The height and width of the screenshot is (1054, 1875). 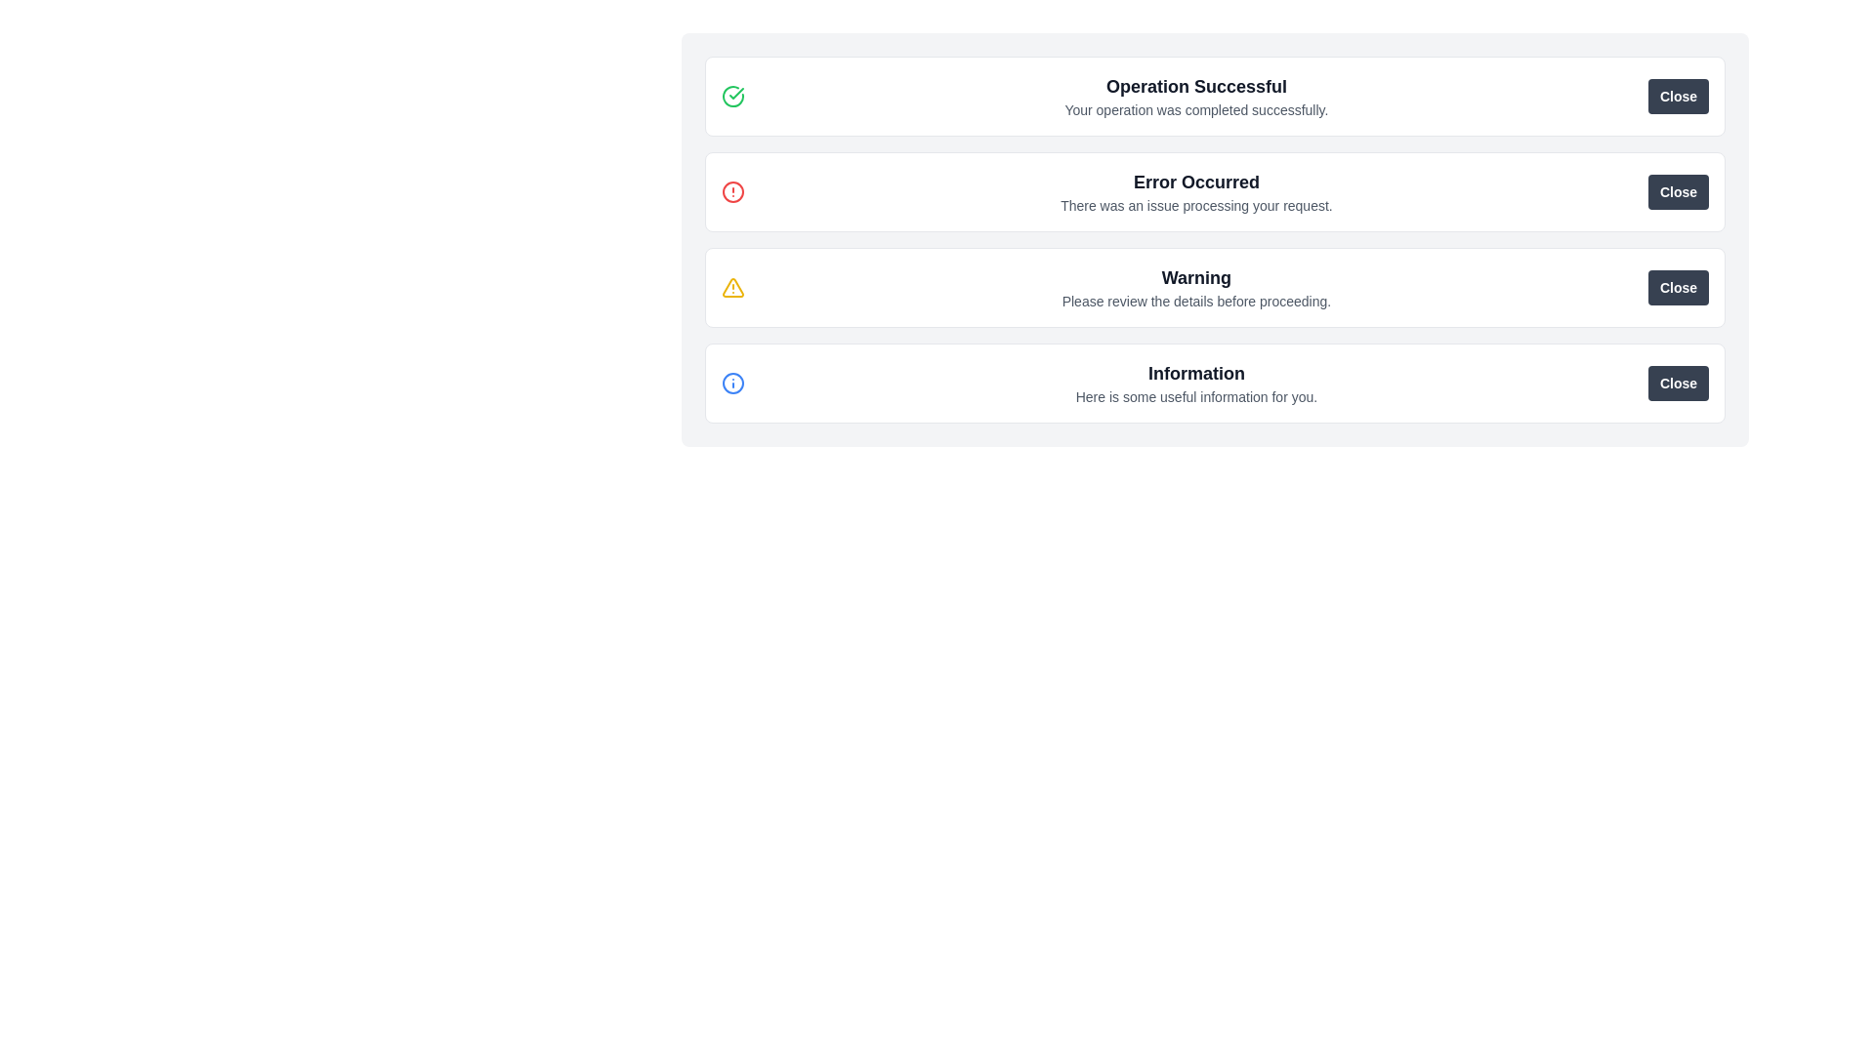 What do you see at coordinates (1195, 287) in the screenshot?
I see `content displayed in the centrally aligned text block that serves as a notification to warn users about reviewing details before proceeding` at bounding box center [1195, 287].